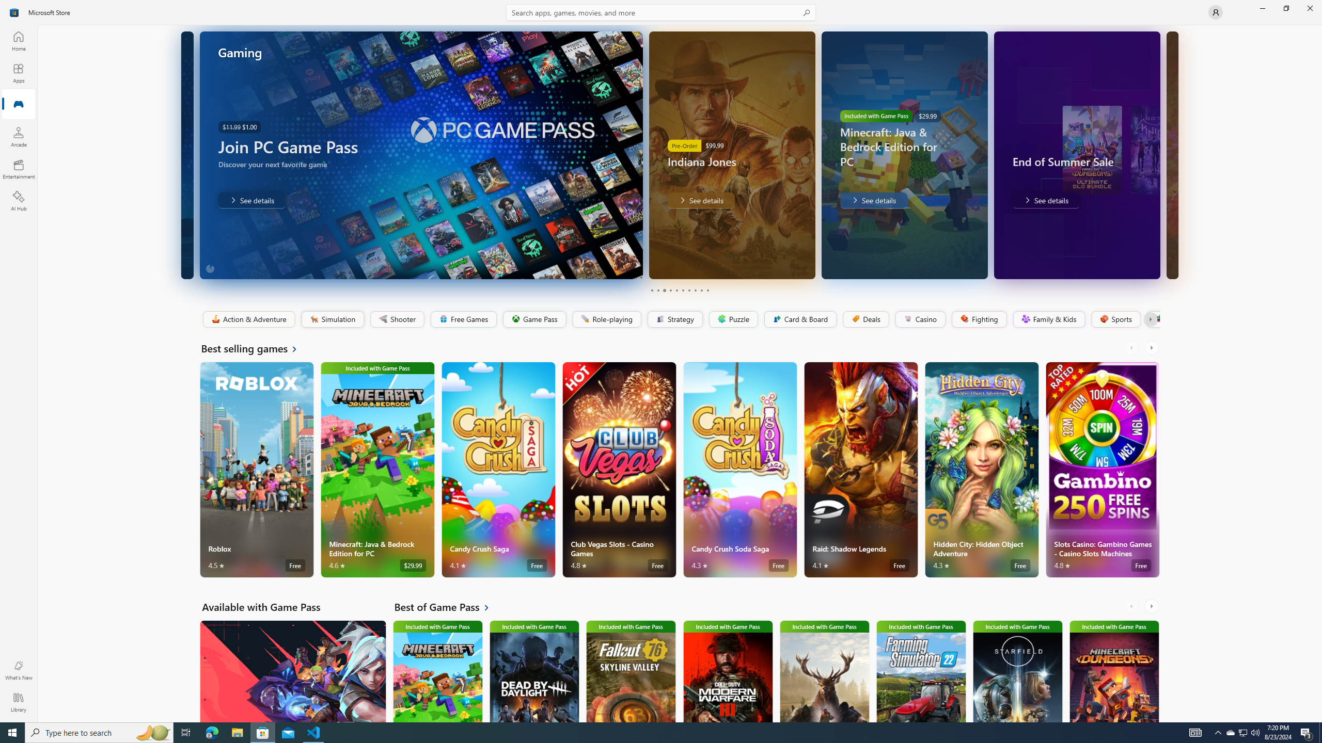 The height and width of the screenshot is (743, 1322). Describe the element at coordinates (1309, 8) in the screenshot. I see `'Close Microsoft Store'` at that location.